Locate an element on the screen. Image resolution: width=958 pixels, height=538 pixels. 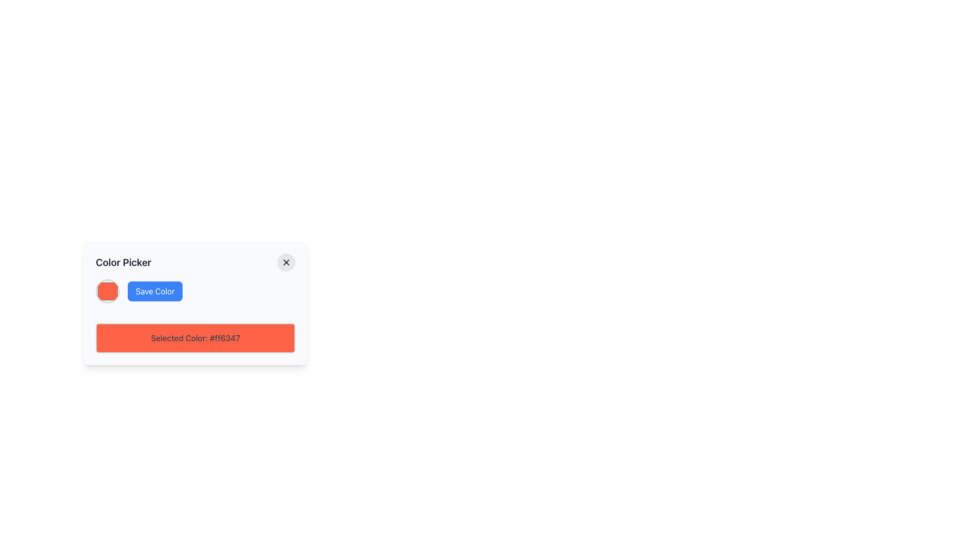
the circular button with a light gray background and a black 'X' symbol is located at coordinates (286, 262).